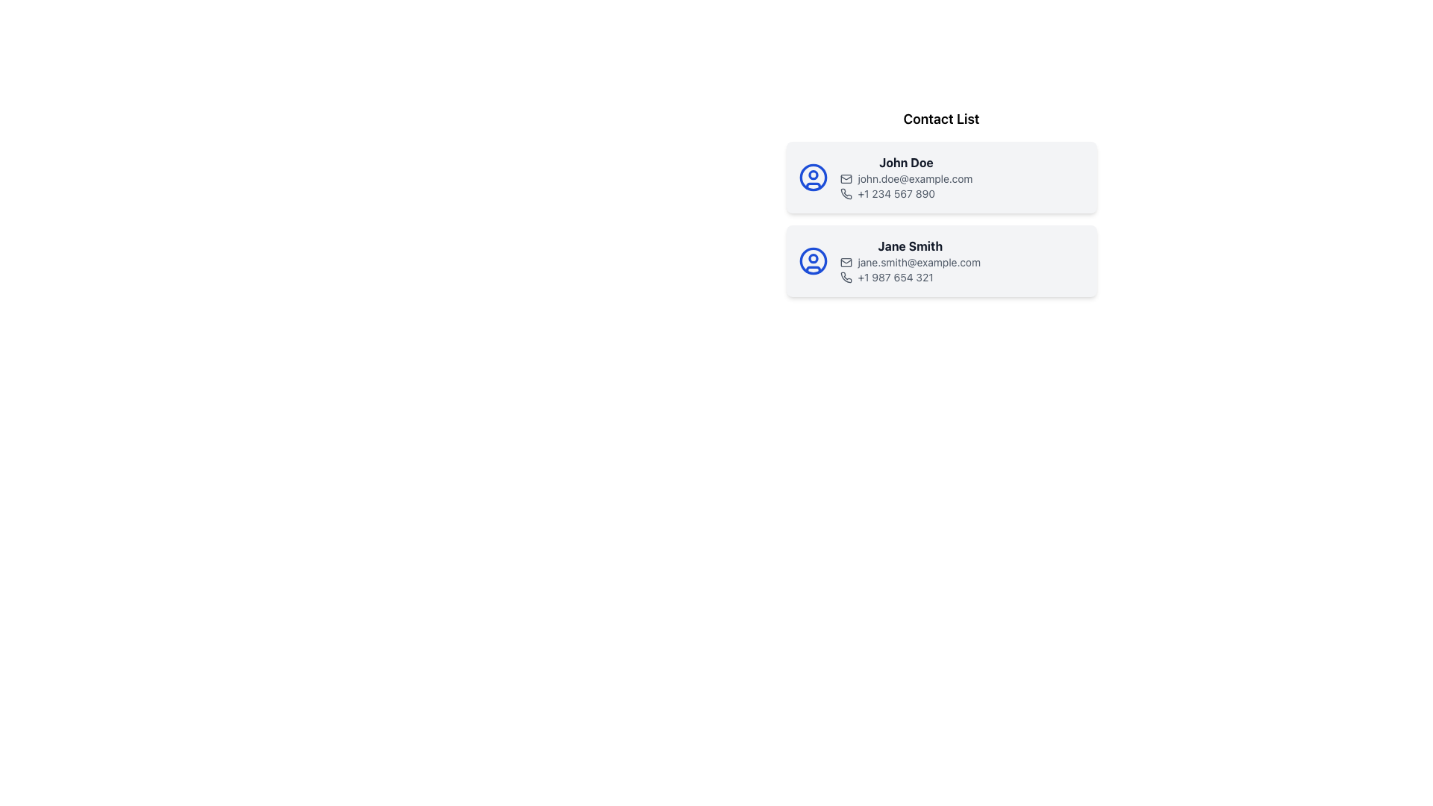 The width and height of the screenshot is (1433, 806). Describe the element at coordinates (909, 261) in the screenshot. I see `the text label displaying 'jane.smith@example.com', which is styled in small gray text and located beneath 'Jane Smith' in the contact list` at that location.